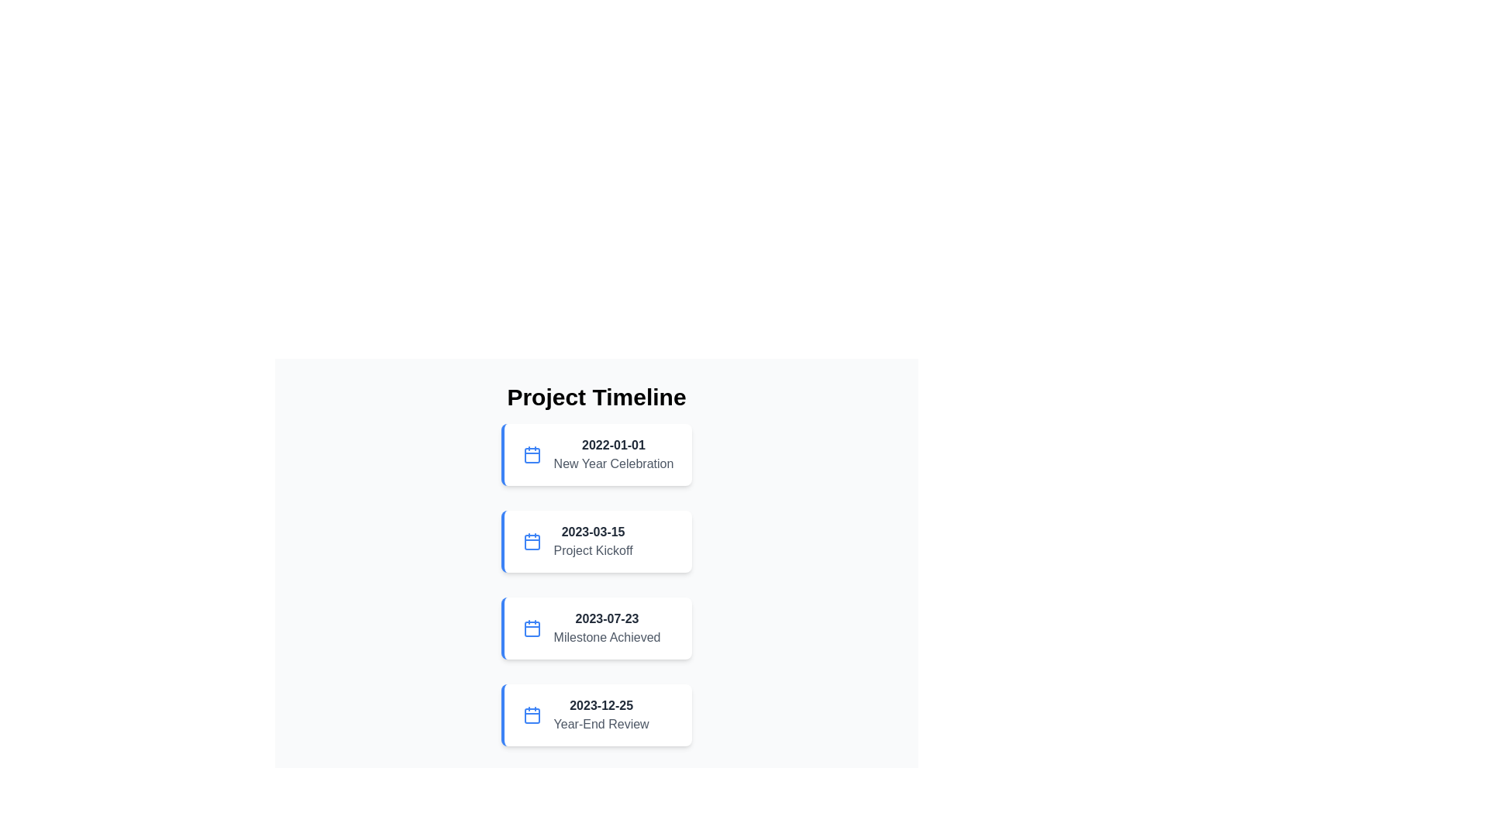 This screenshot has height=837, width=1488. I want to click on information displayed in the composite element containing a blue calendar icon and the text '2023-07-23' (bold) and 'Milestone Achieved' (lighter font), which is the third item in the vertical timeline list, so click(598, 628).